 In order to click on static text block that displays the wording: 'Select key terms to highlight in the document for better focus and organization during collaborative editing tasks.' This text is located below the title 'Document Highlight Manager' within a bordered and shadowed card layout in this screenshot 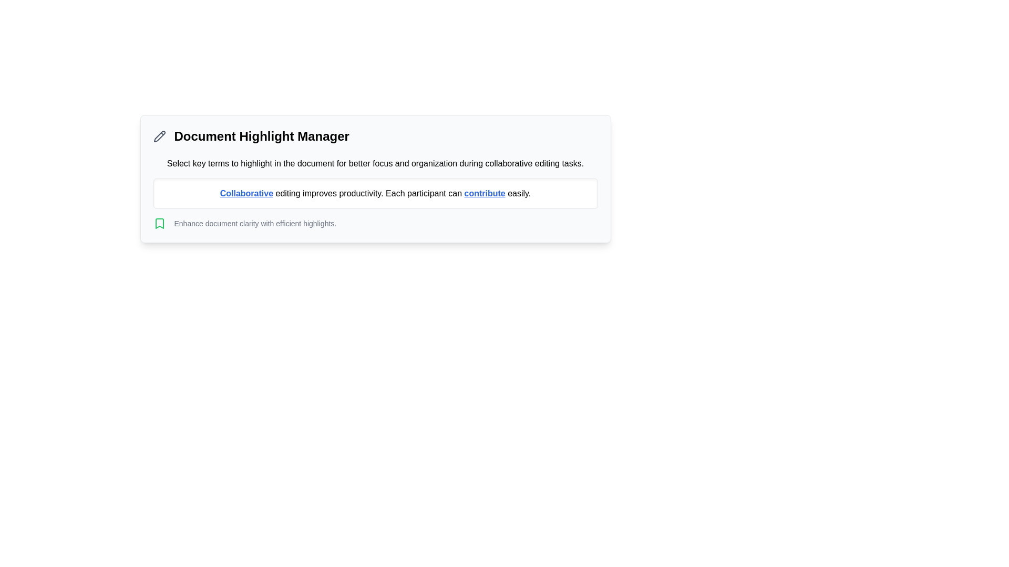, I will do `click(375, 164)`.